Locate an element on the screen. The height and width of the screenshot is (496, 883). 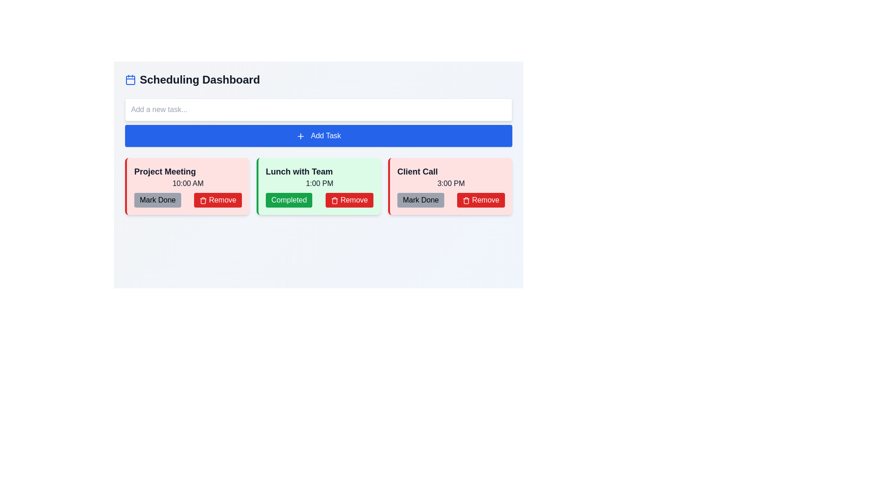
the 'Remove' button with a red background and a trash icon, located in the bottom-right corner of the 'Client Call' task card is located at coordinates (481, 199).